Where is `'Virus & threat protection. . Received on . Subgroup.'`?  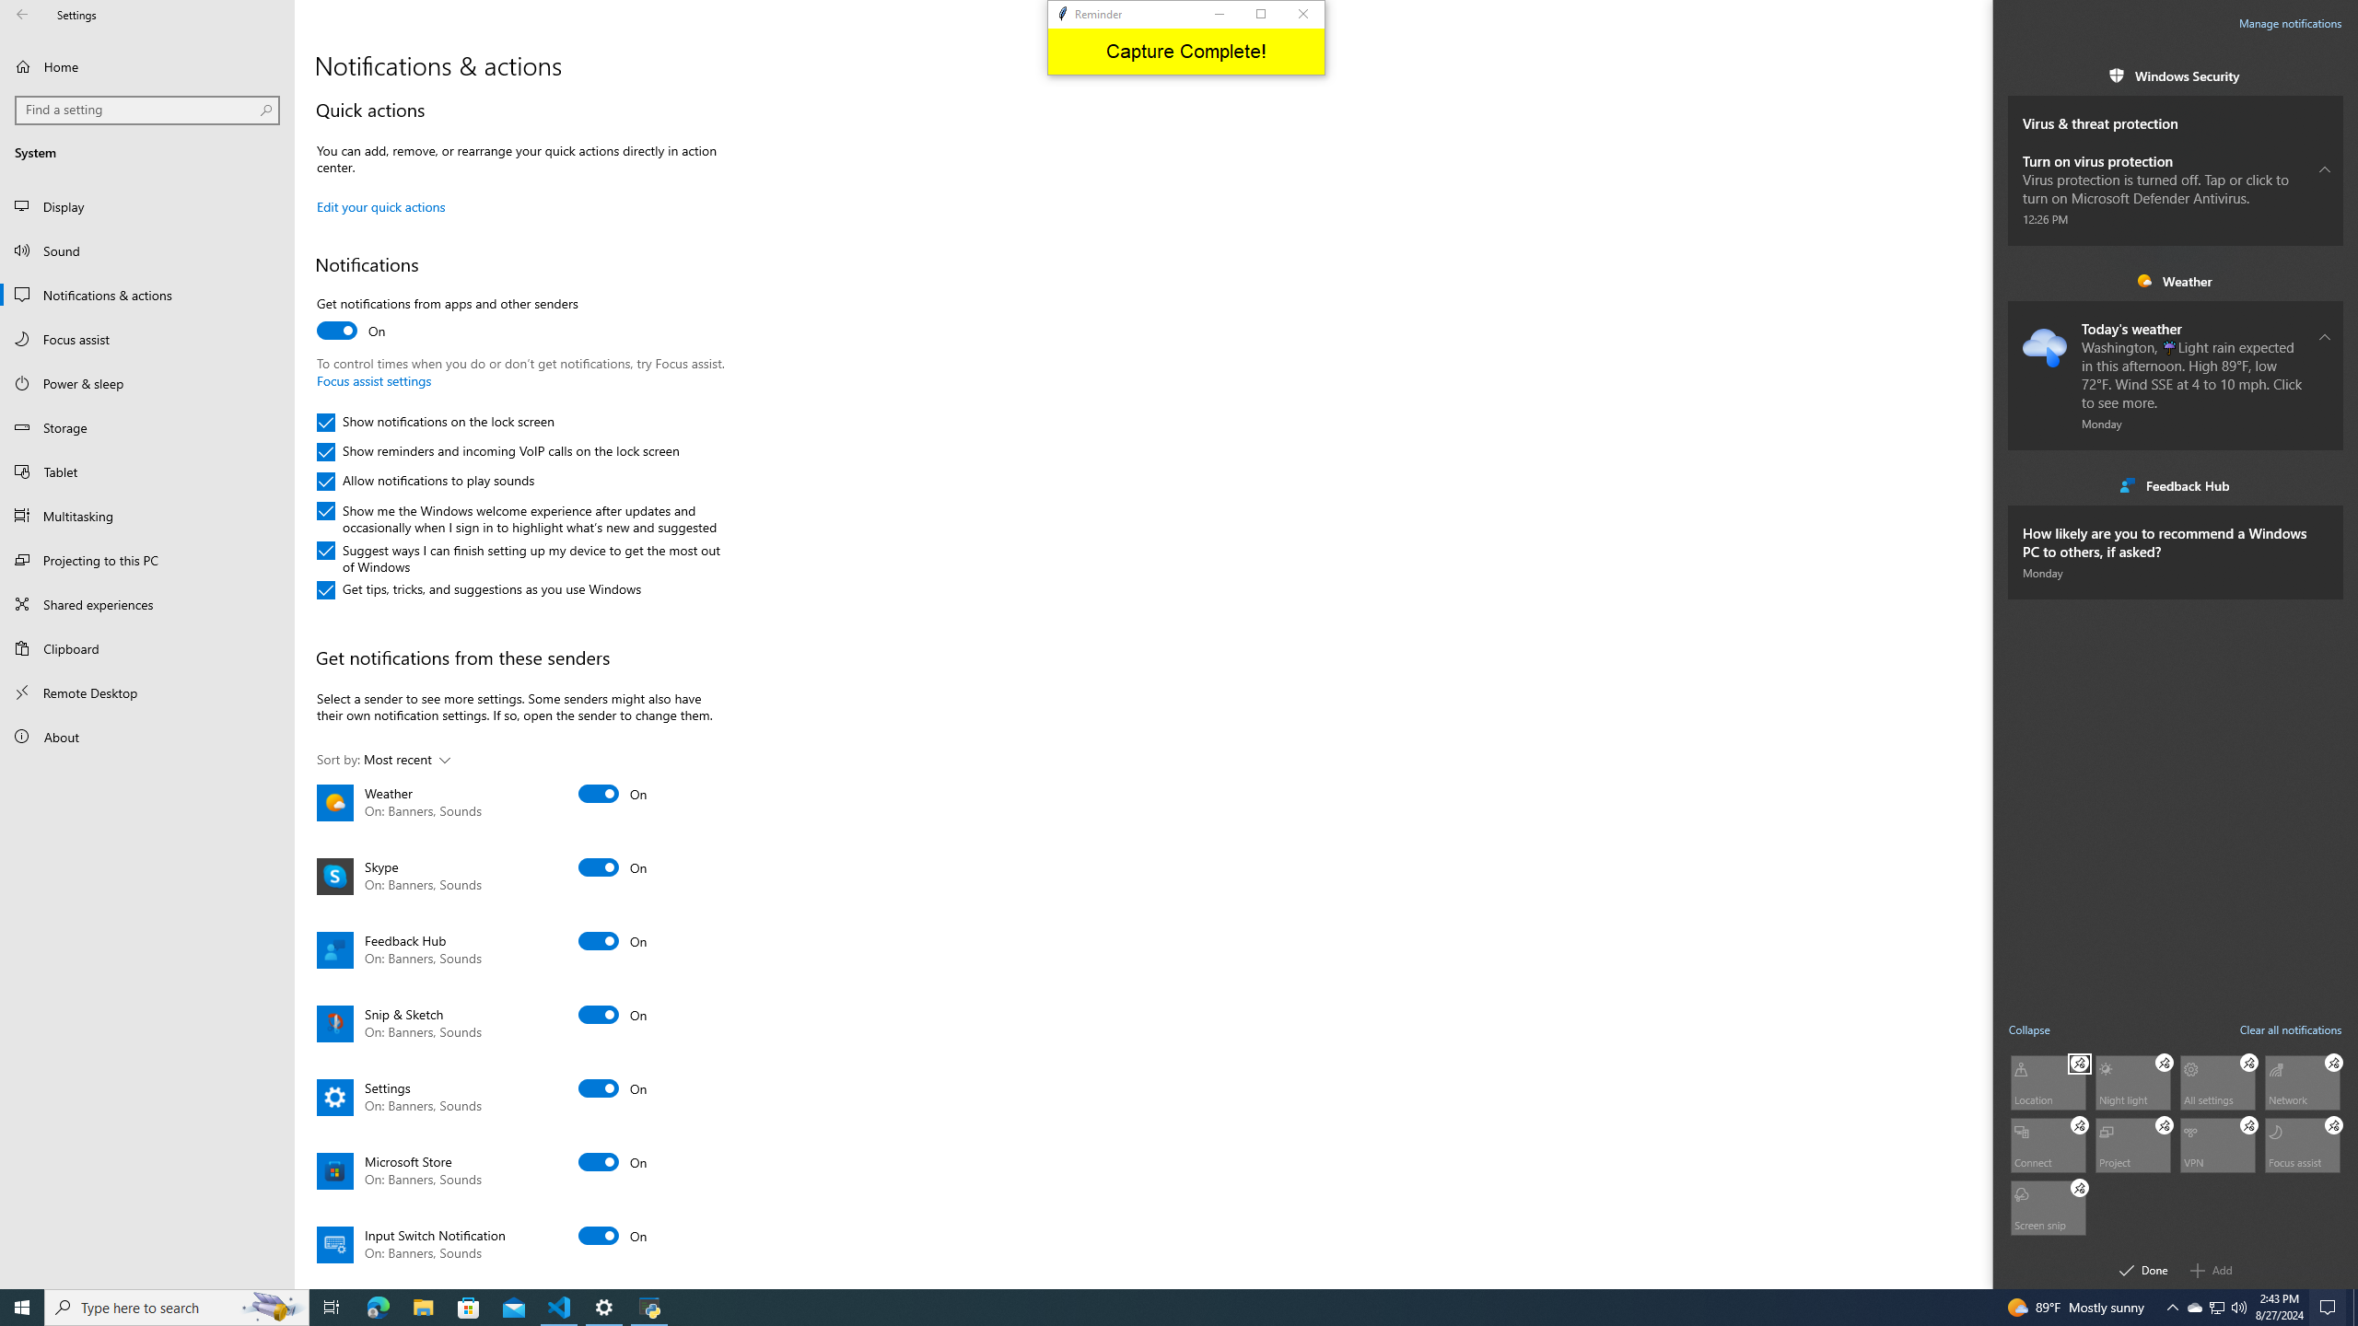 'Virus & threat protection. . Received on . Subgroup.' is located at coordinates (2175, 113).